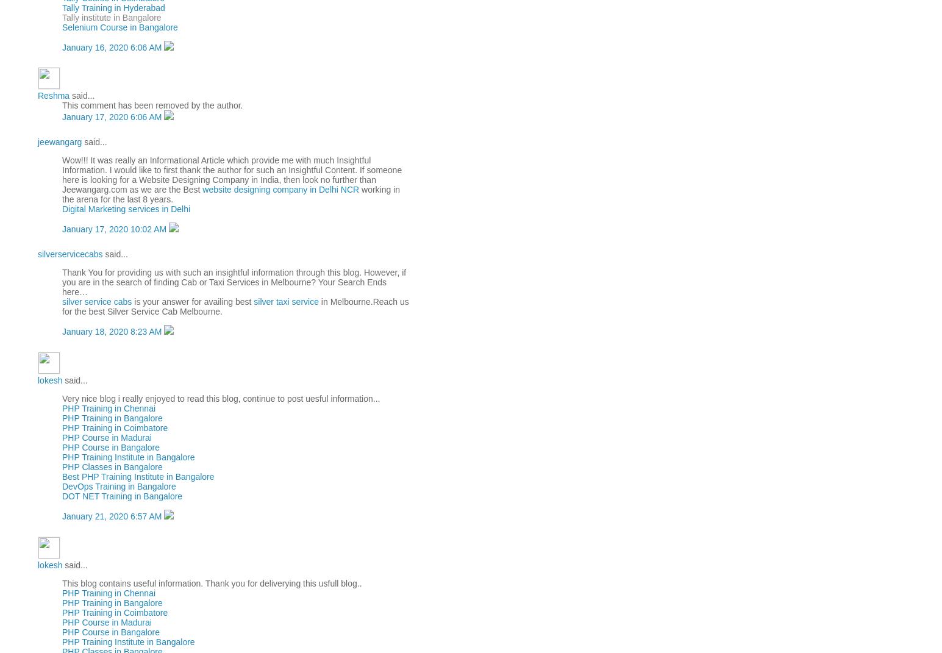 Image resolution: width=942 pixels, height=653 pixels. Describe the element at coordinates (113, 6) in the screenshot. I see `'Tally Training in Hyderabad'` at that location.